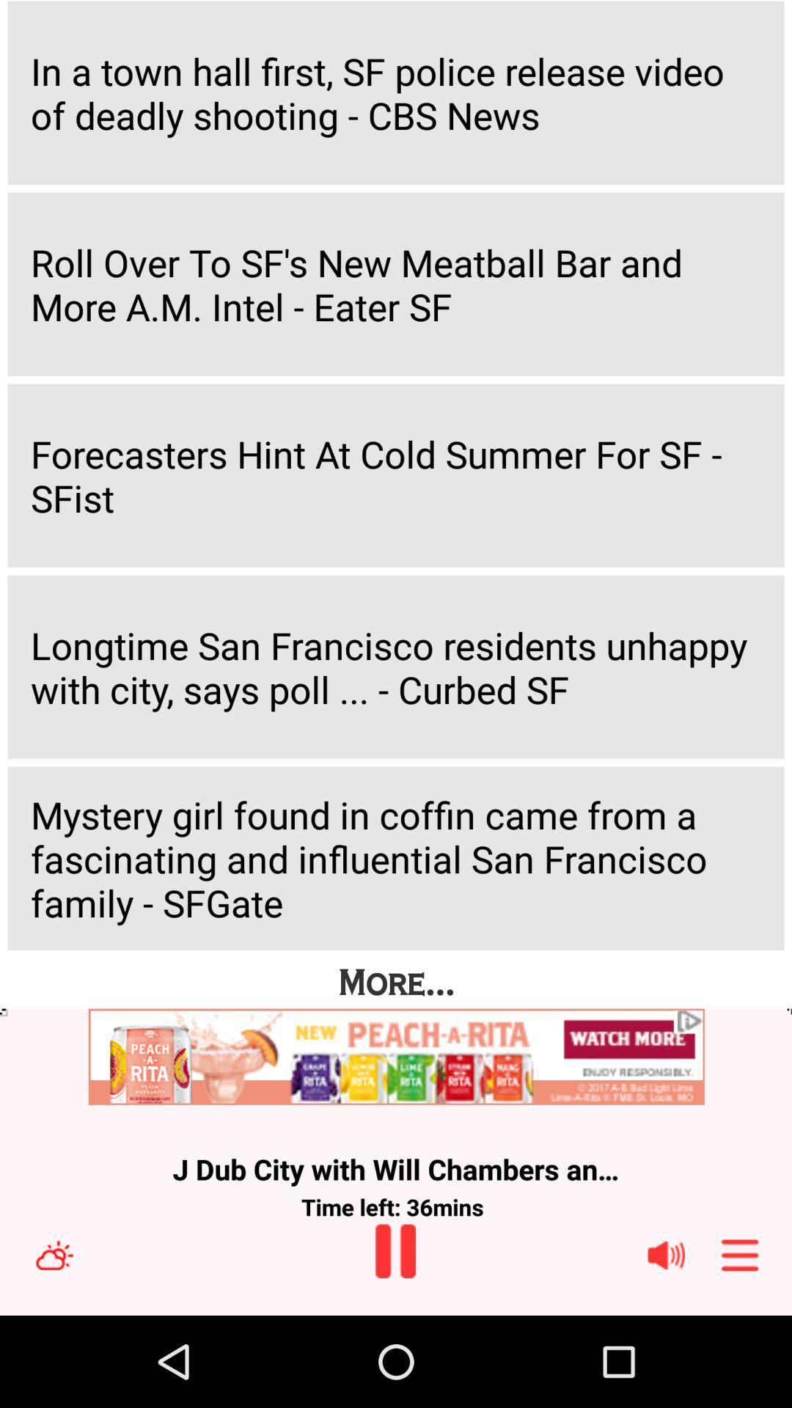 This screenshot has width=792, height=1408. Describe the element at coordinates (395, 1339) in the screenshot. I see `the pause icon` at that location.